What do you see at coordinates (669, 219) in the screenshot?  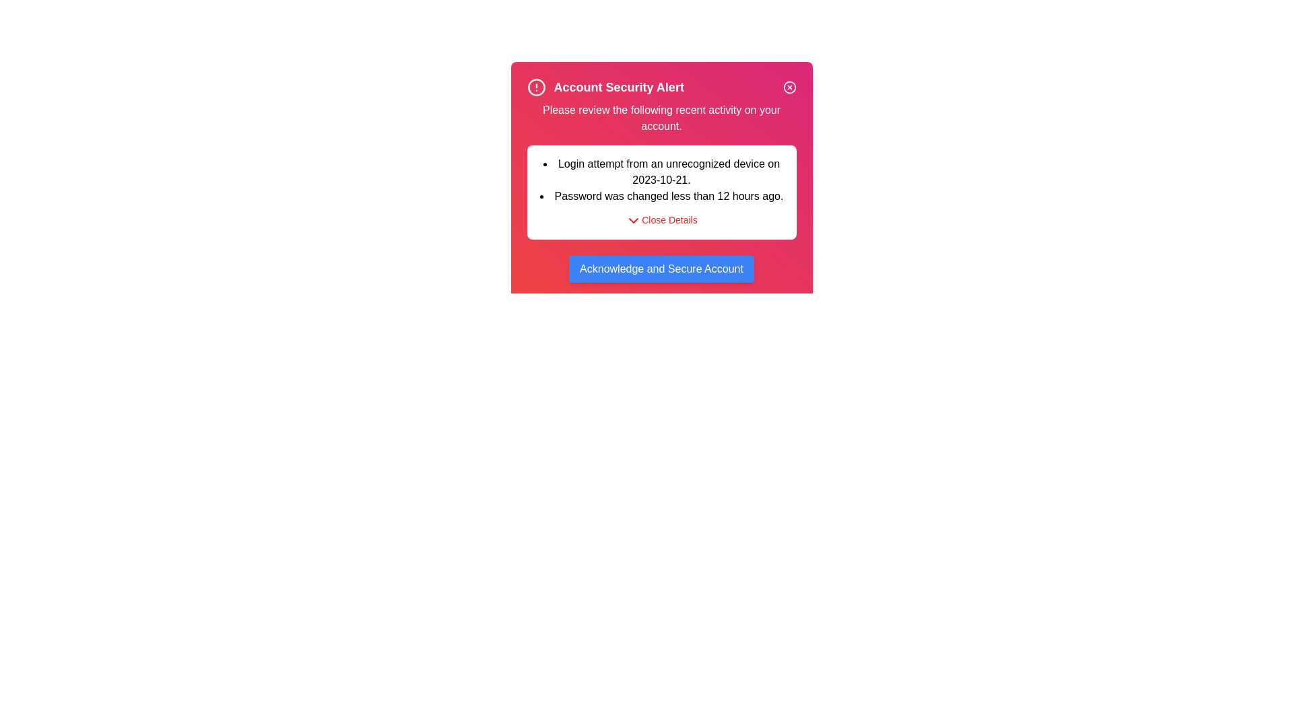 I see `the 'Close Details' text in the alert popup` at bounding box center [669, 219].